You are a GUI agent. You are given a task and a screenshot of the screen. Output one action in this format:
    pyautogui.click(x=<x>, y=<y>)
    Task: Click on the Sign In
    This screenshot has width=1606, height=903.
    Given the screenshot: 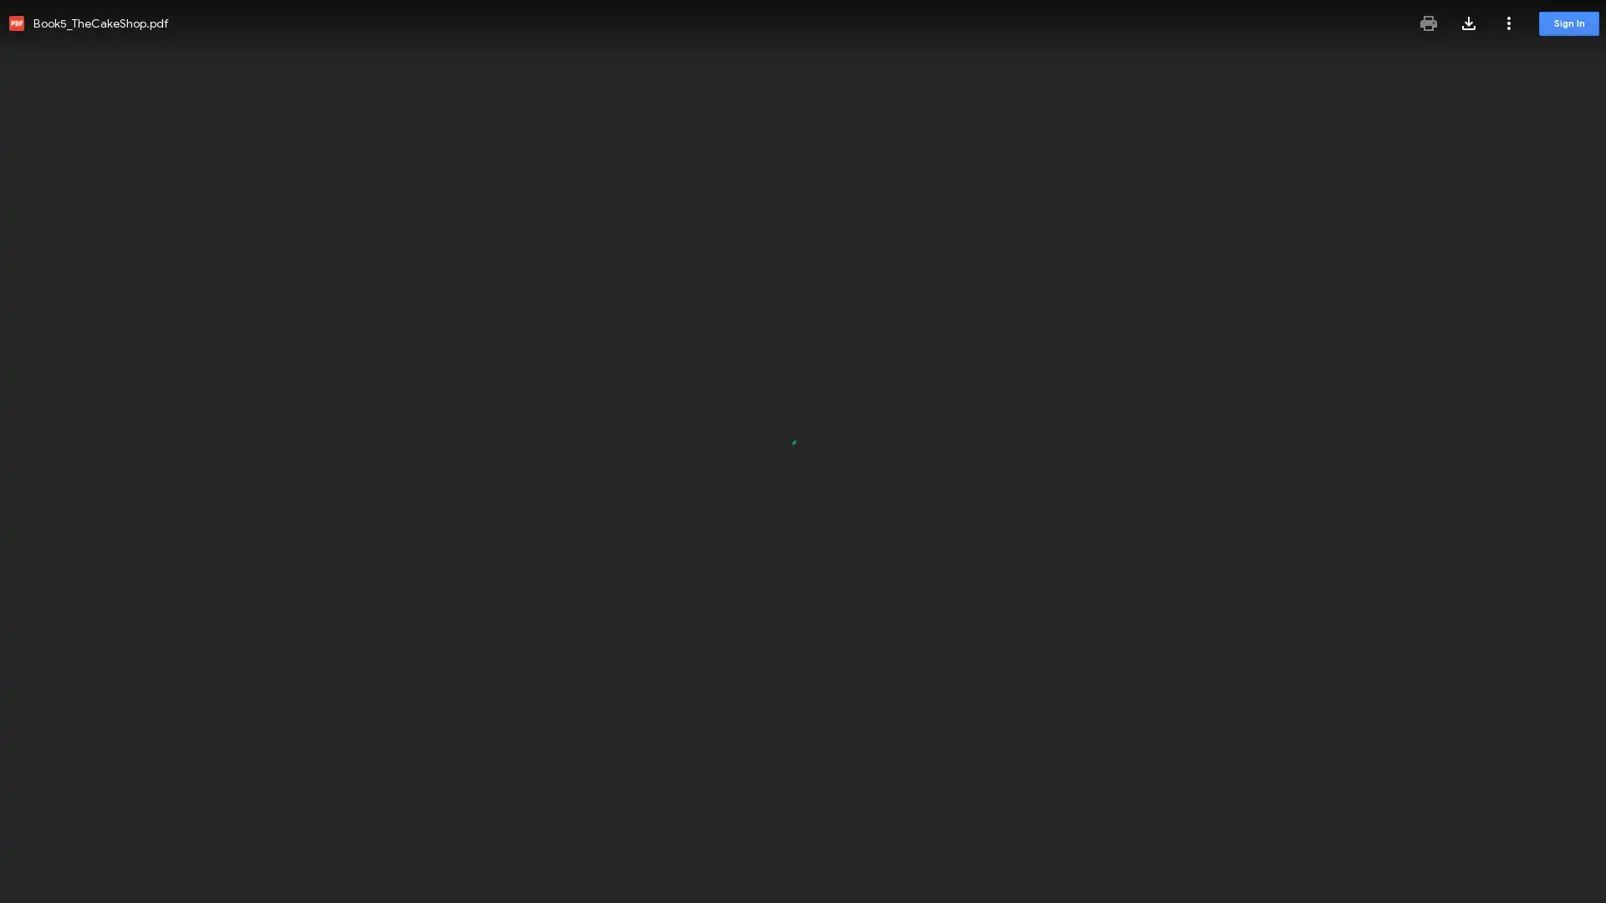 What is the action you would take?
    pyautogui.click(x=1568, y=23)
    